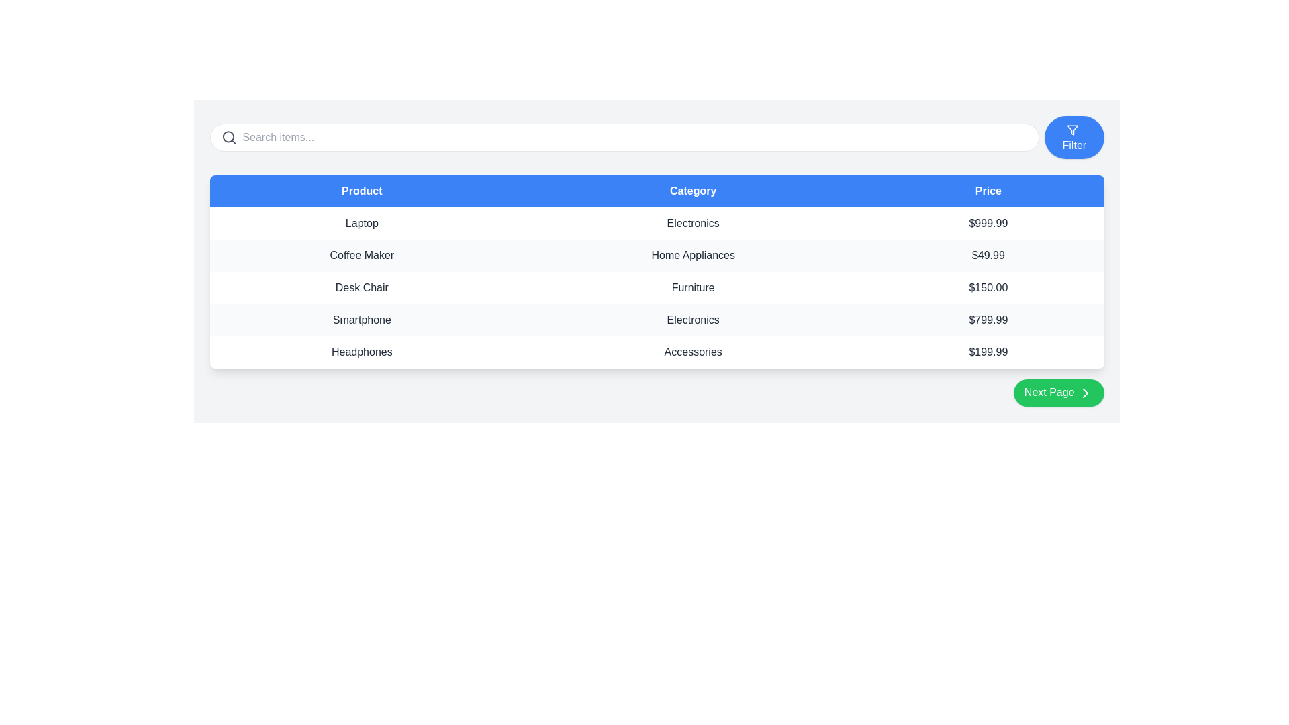  What do you see at coordinates (362, 287) in the screenshot?
I see `the 'Desk Chair' text label, which is a static text element located in the third row under the 'Product' column, aligned with 'Furniture' in the 'Category' column and '$150.00' in the 'Price' column` at bounding box center [362, 287].